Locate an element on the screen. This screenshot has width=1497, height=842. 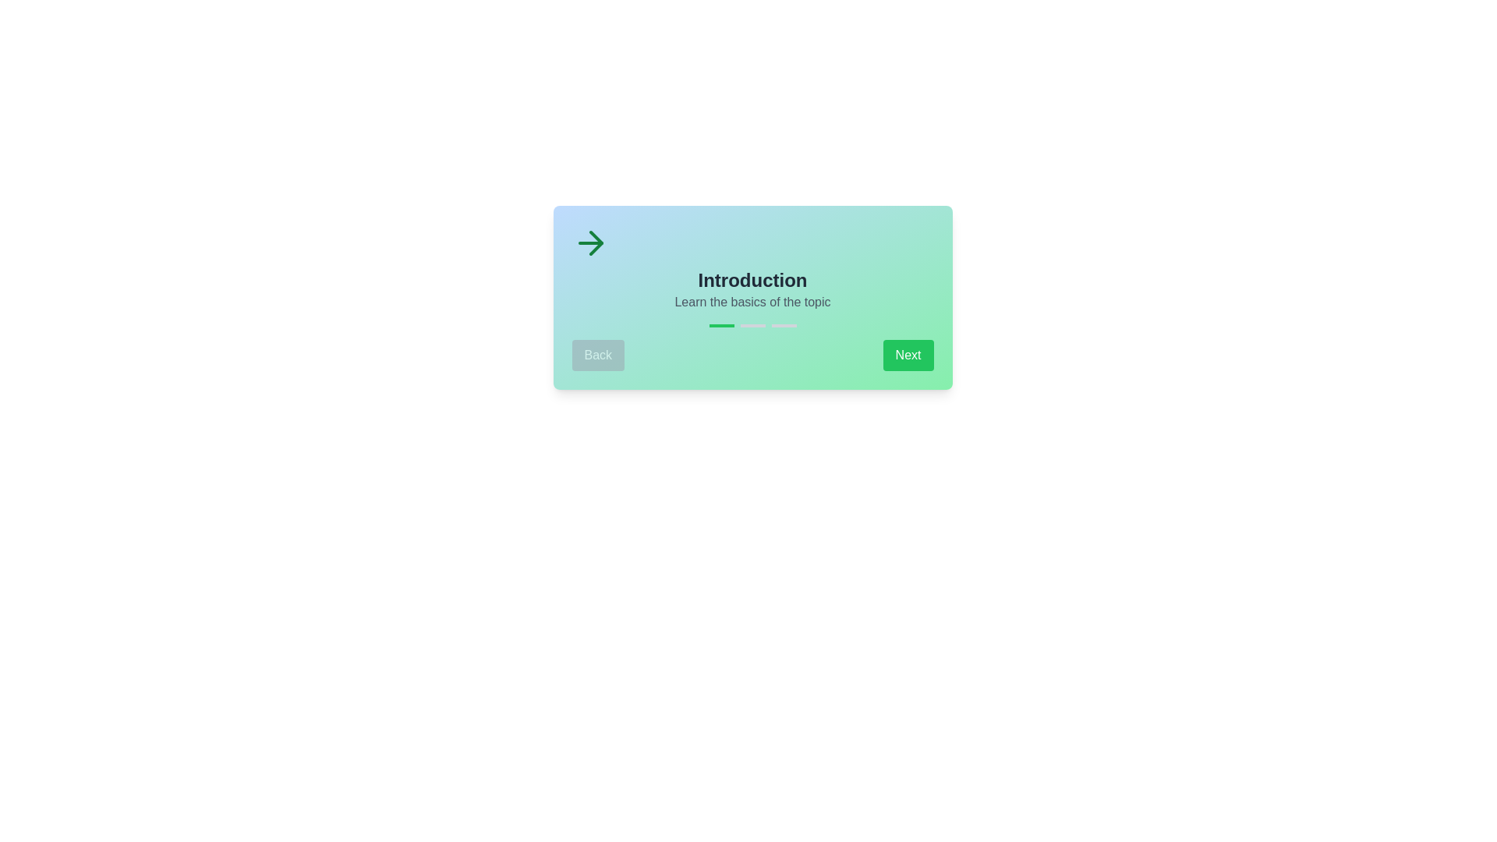
the arrow icon to trigger its associated action is located at coordinates (589, 243).